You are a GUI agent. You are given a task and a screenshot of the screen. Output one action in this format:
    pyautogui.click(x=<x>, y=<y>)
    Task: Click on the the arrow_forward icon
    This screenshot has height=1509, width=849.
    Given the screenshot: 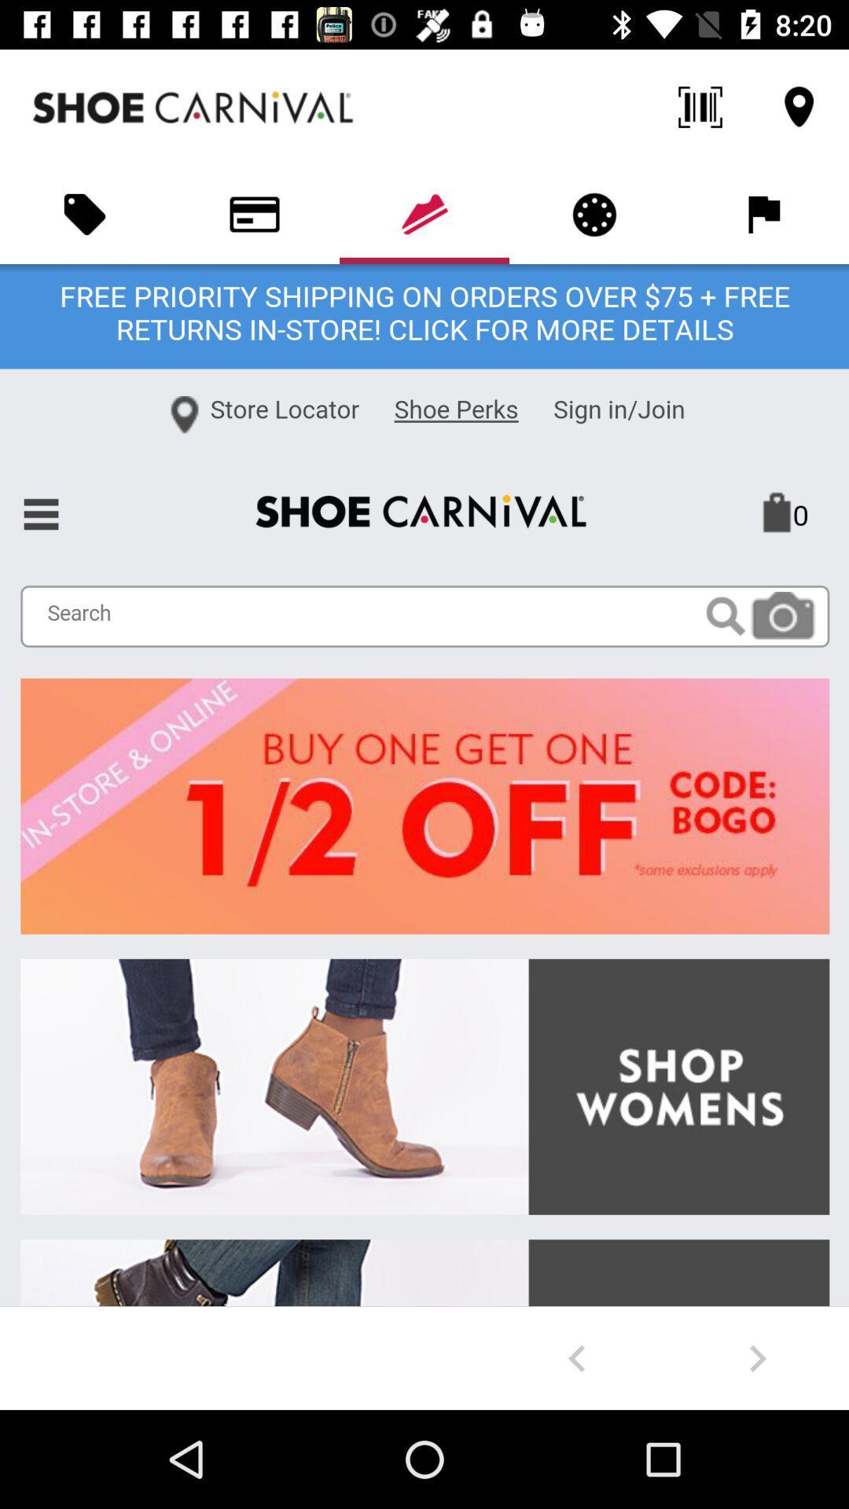 What is the action you would take?
    pyautogui.click(x=757, y=1357)
    